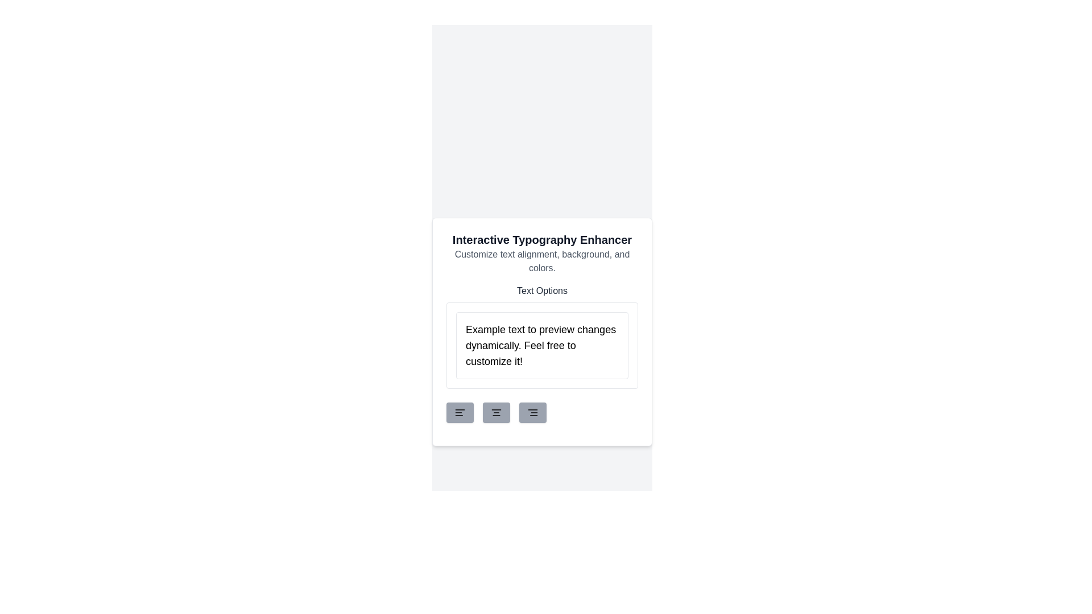  What do you see at coordinates (532, 412) in the screenshot?
I see `the fourth button in the horizontal row of text alignment buttons to apply right text alignment` at bounding box center [532, 412].